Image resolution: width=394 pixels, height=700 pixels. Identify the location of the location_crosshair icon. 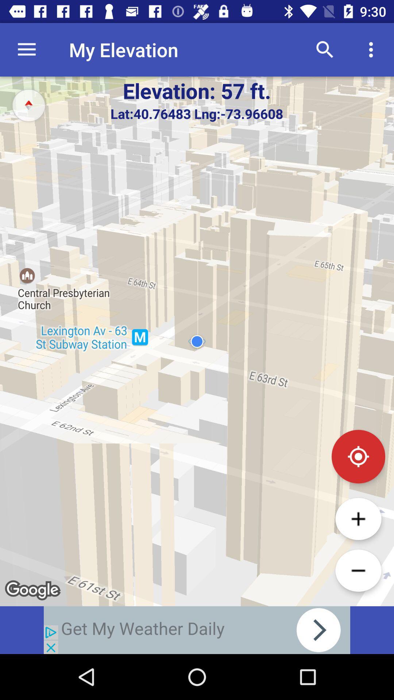
(358, 456).